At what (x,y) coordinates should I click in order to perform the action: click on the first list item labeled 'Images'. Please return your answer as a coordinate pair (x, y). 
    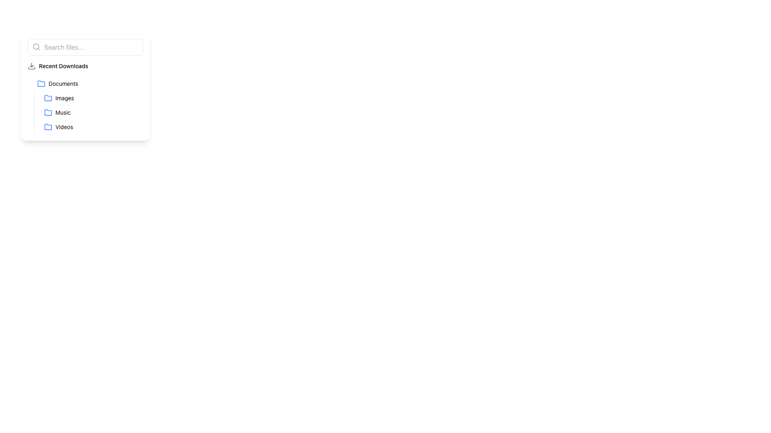
    Looking at the image, I should click on (92, 98).